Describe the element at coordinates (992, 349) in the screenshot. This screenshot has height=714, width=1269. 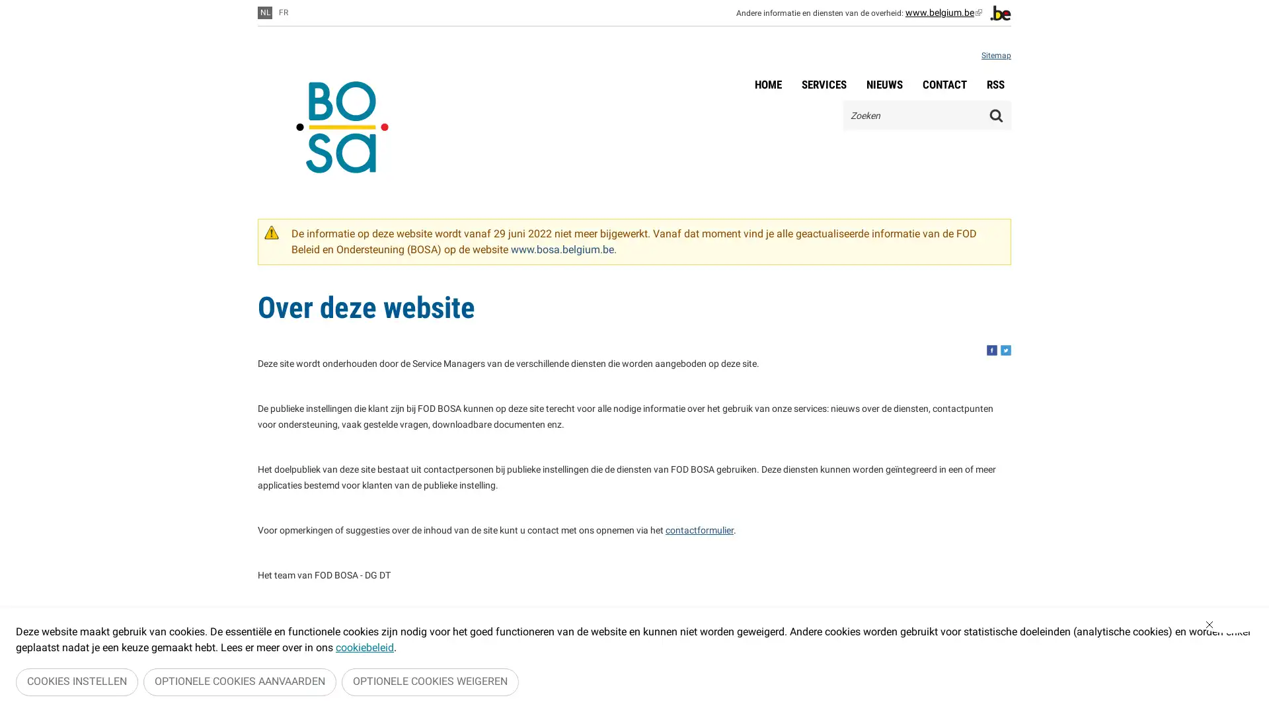
I see `Share this, facebook. This button opens a new window` at that location.